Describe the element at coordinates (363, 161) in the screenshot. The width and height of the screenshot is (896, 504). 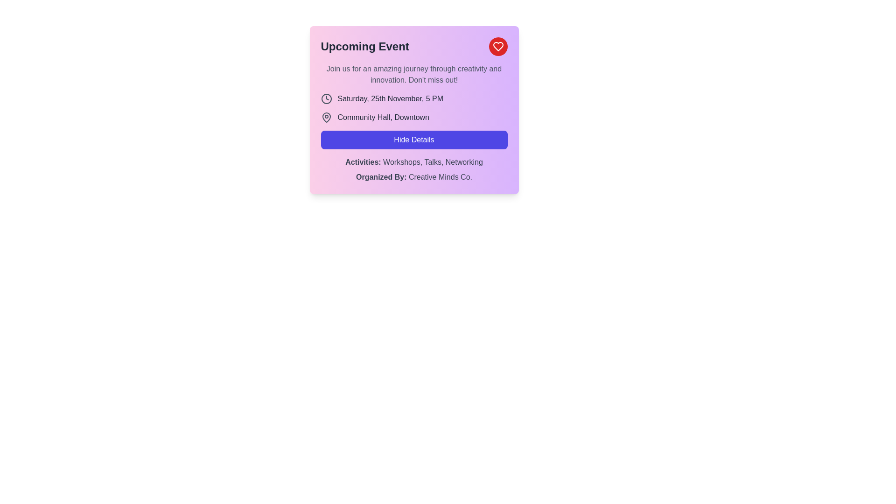
I see `the text label that describes the activities available, positioned above the list items 'Workshops, Talks, Networking' and below the 'Hide Details' button` at that location.